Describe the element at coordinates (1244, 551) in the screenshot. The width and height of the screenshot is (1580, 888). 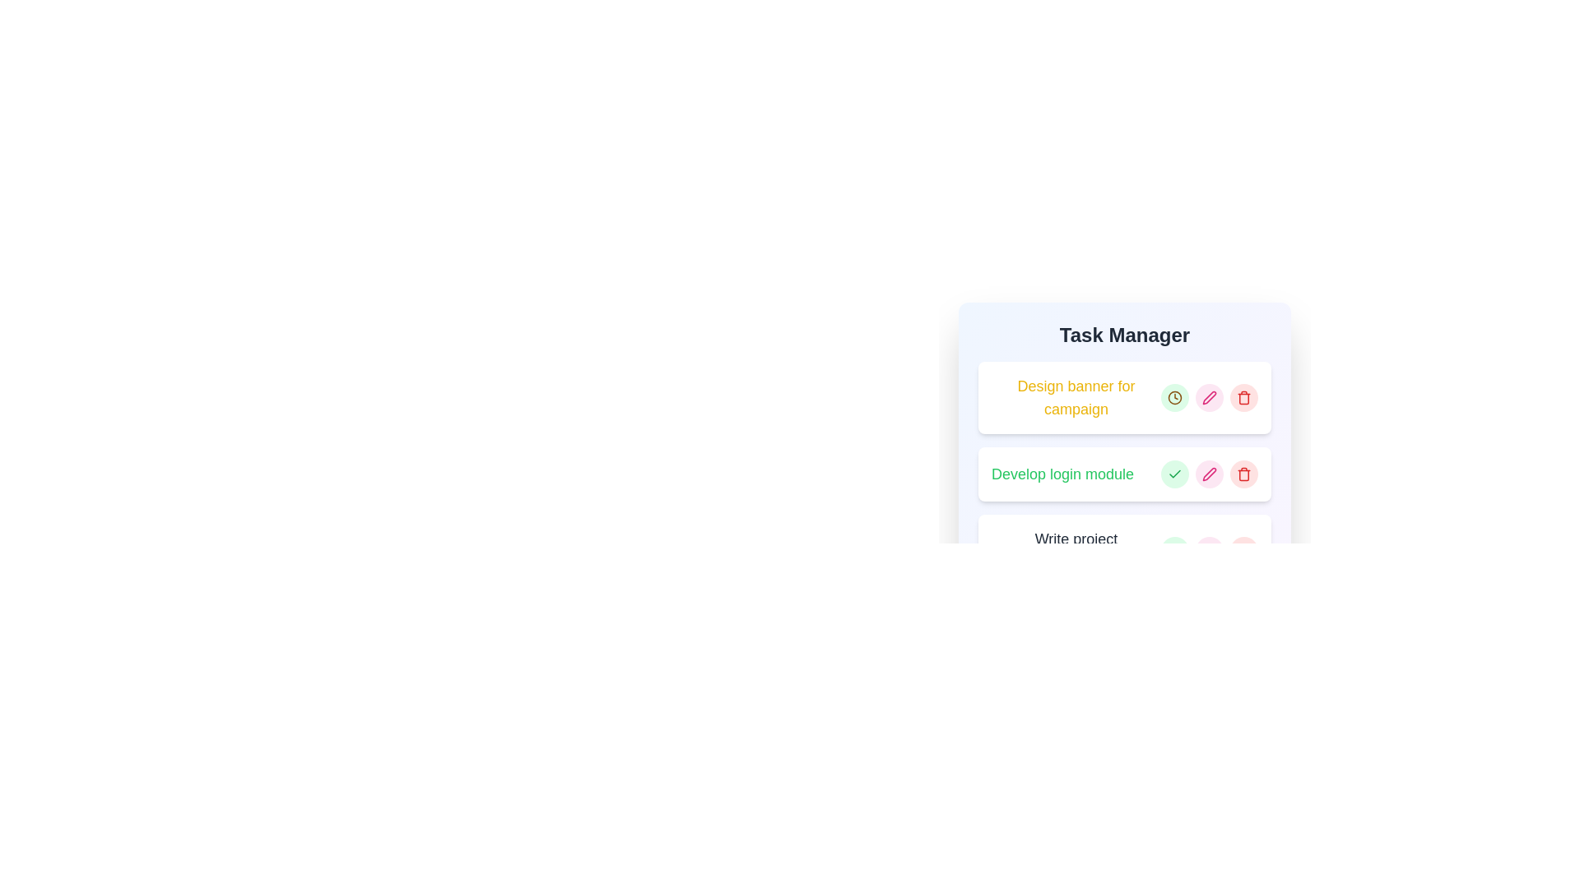
I see `the circular button containing the red trash can icon to observe the hover effect` at that location.